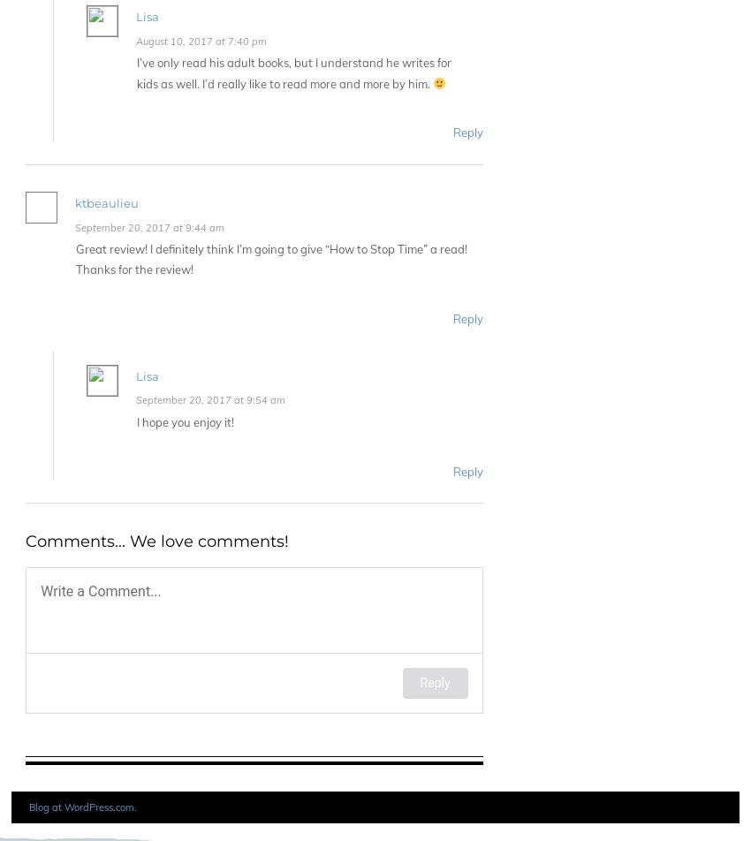 The image size is (751, 841). I want to click on 'I’ve only read his adult books, but I understand he writes for kids as well. I’d really like to read more and more by him.', so click(294, 72).